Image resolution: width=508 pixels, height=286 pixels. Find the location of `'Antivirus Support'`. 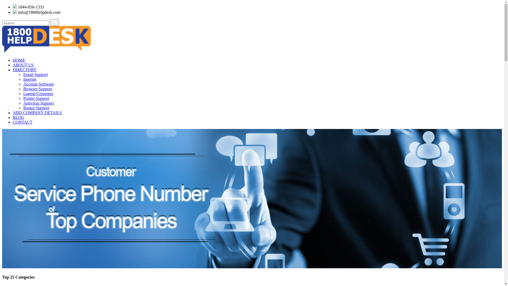

'Antivirus Support' is located at coordinates (38, 103).